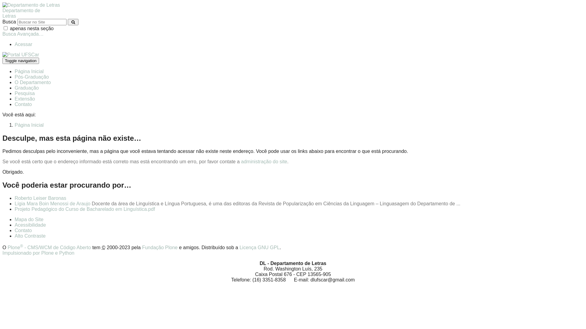  What do you see at coordinates (30, 235) in the screenshot?
I see `'Alto Contraste'` at bounding box center [30, 235].